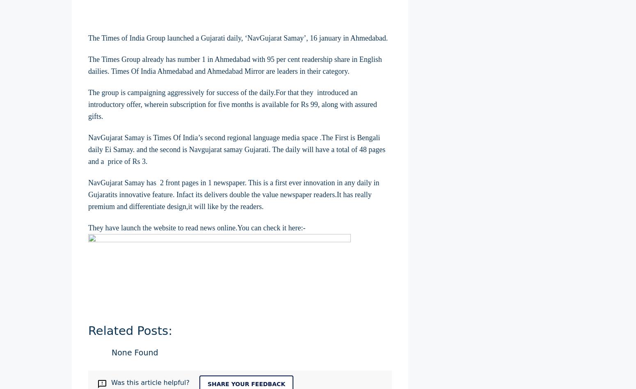  What do you see at coordinates (246, 383) in the screenshot?
I see `'Share your feedback'` at bounding box center [246, 383].